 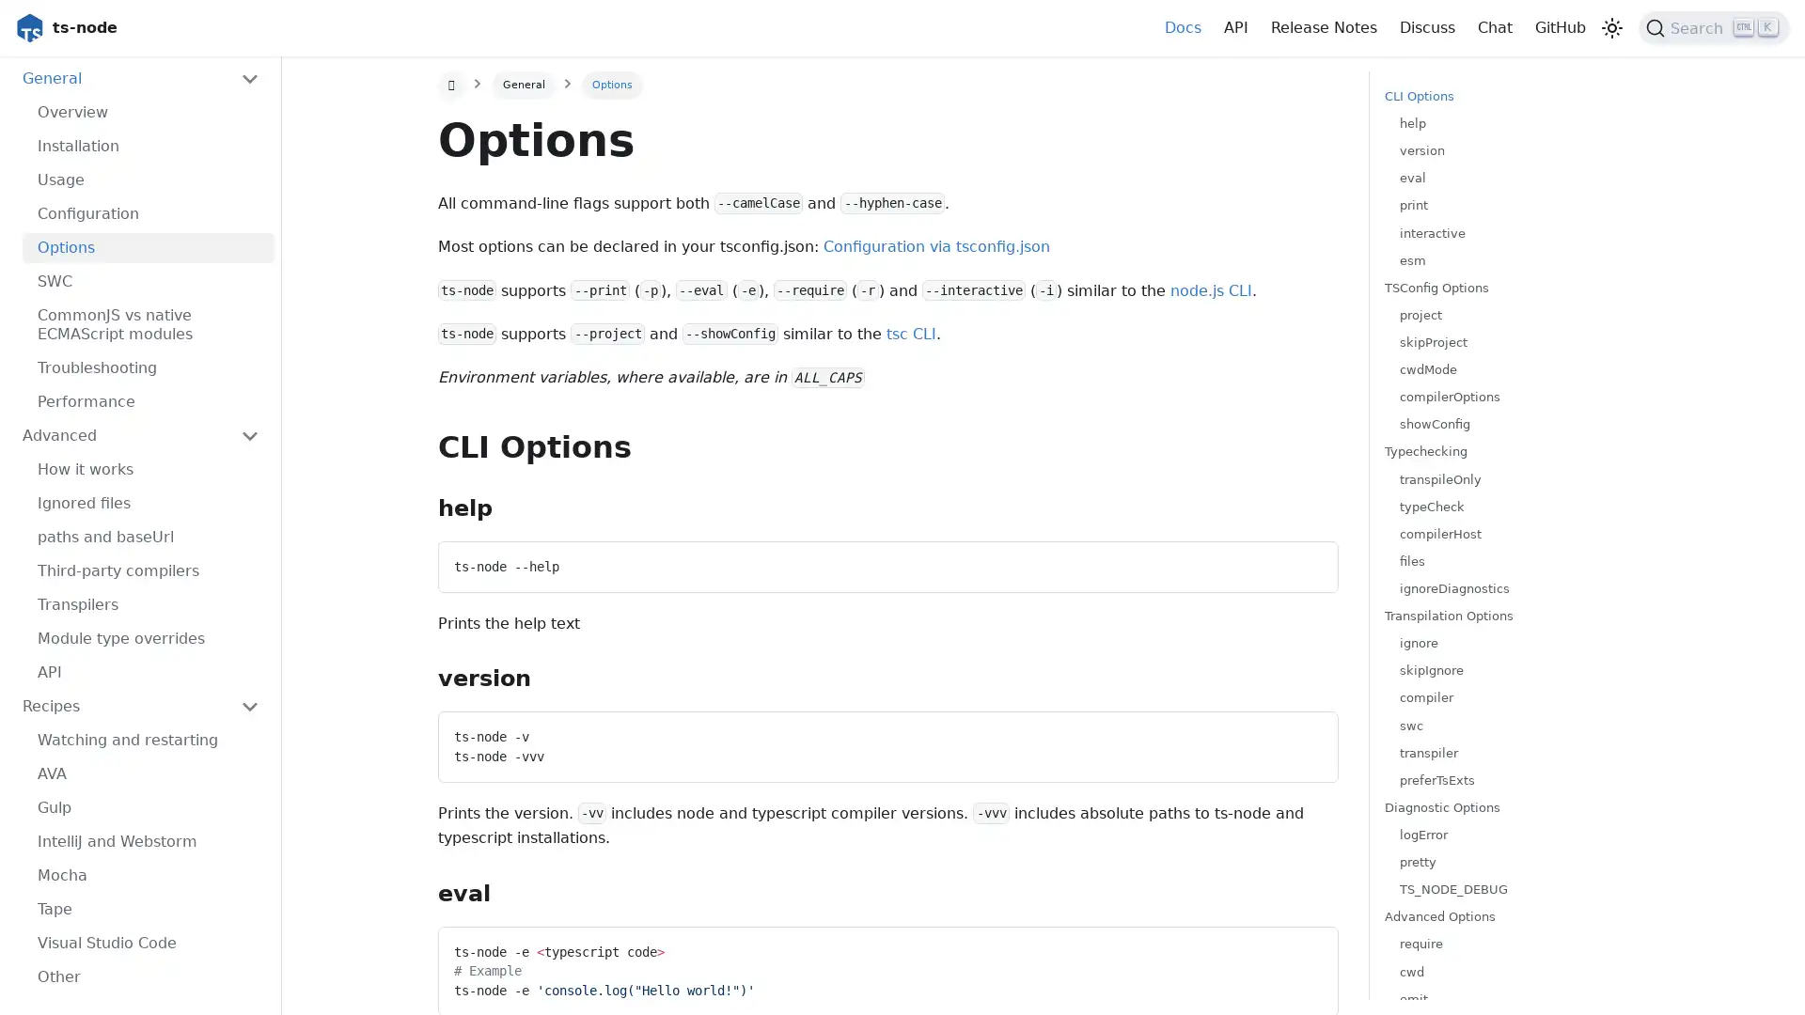 I want to click on Copy code to clipboard, so click(x=1306, y=731).